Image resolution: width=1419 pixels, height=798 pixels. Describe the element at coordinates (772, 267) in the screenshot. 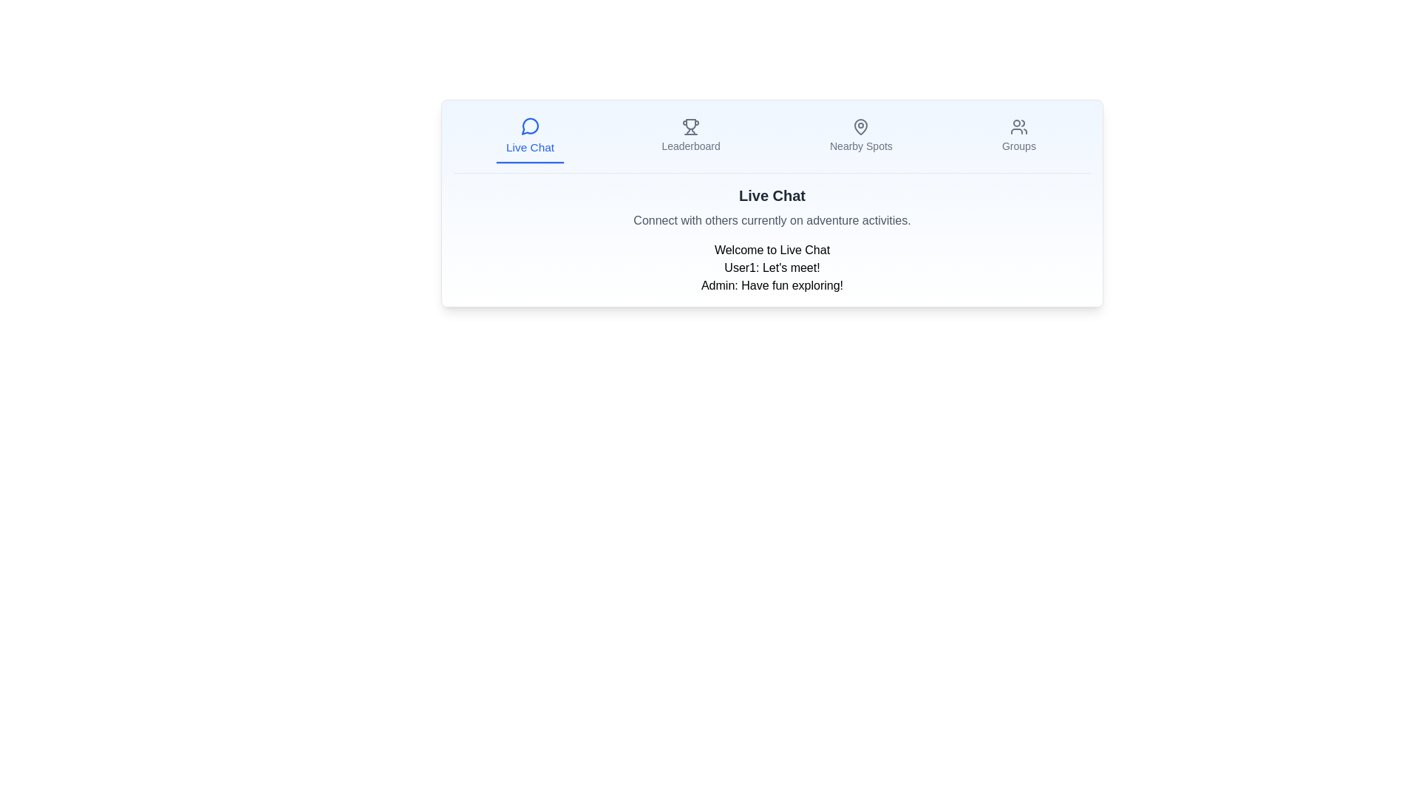

I see `the text block containing multiple lines of dialogue starting with 'Welcome to Live Chat', positioned at the bottom of the section under the title 'Live Chat'` at that location.